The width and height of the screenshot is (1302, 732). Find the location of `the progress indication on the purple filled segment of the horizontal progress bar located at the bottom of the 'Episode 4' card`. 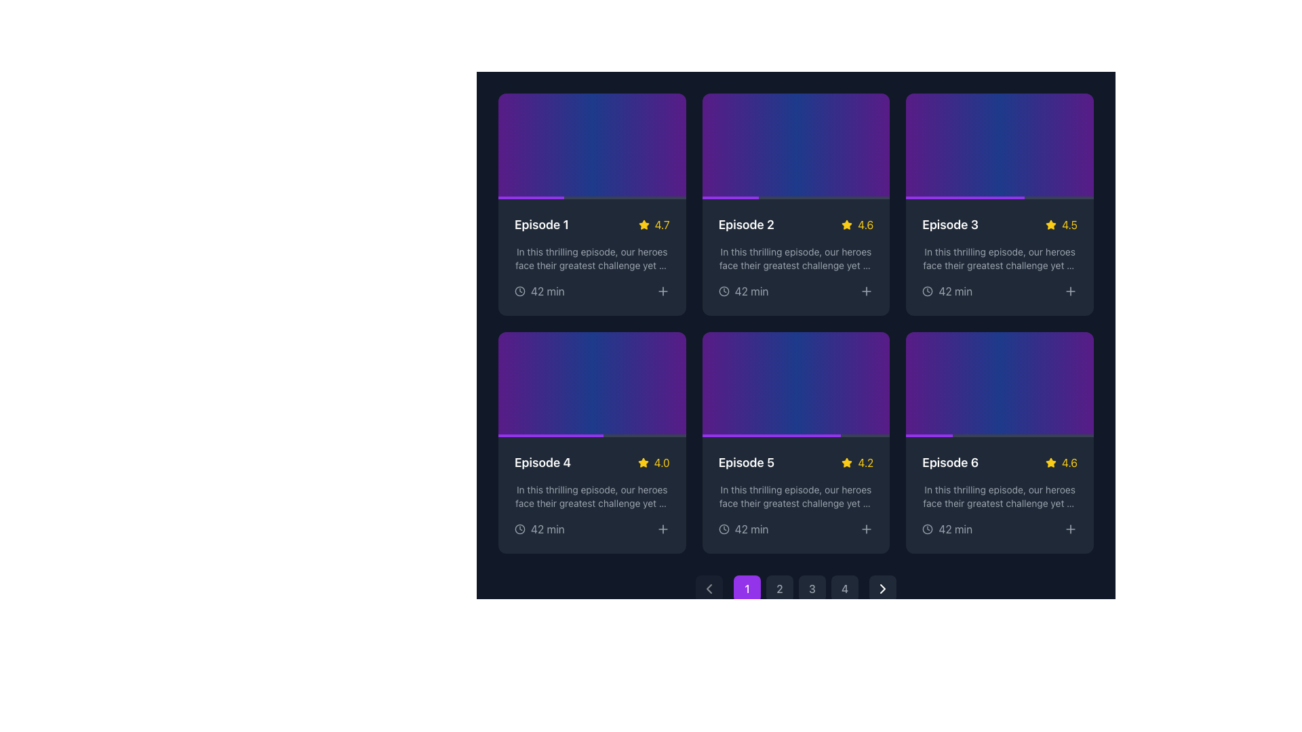

the progress indication on the purple filled segment of the horizontal progress bar located at the bottom of the 'Episode 4' card is located at coordinates (551, 436).